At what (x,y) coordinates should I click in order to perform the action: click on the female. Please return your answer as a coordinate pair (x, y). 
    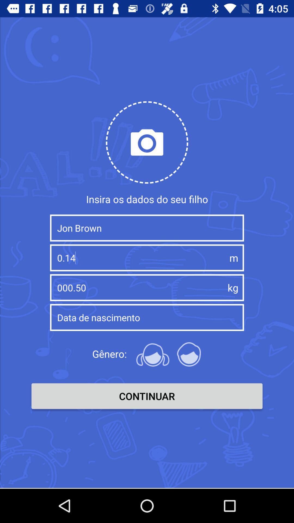
    Looking at the image, I should click on (153, 354).